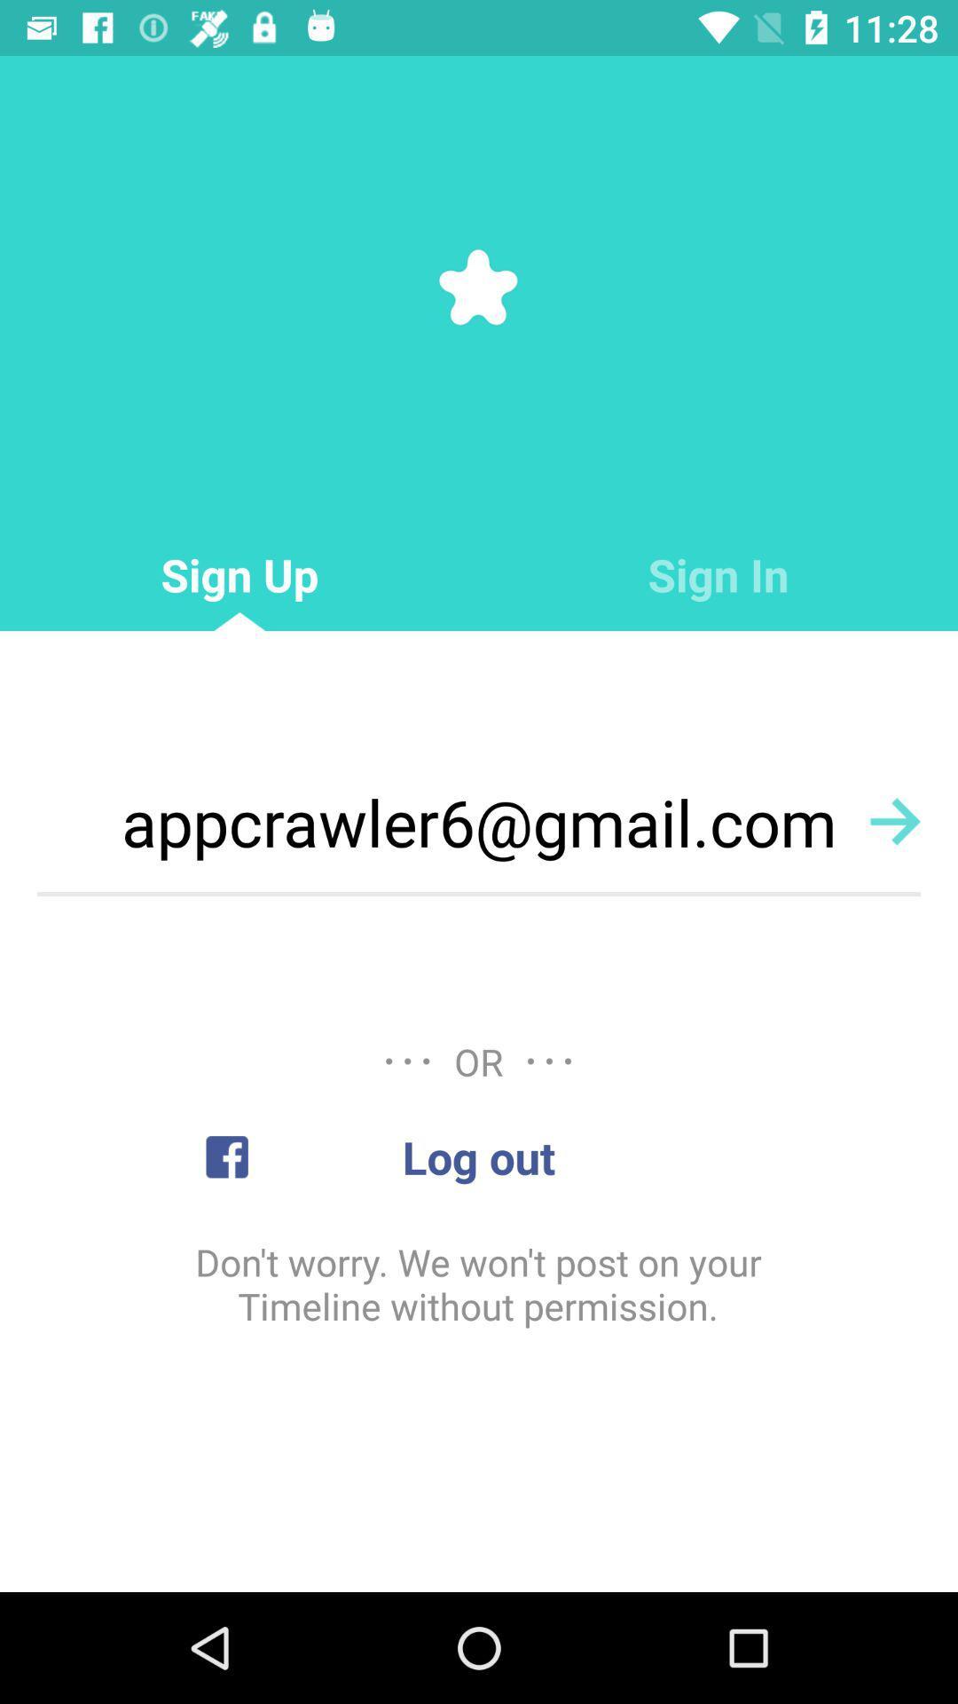 The height and width of the screenshot is (1704, 958). Describe the element at coordinates (479, 1156) in the screenshot. I see `the log out item` at that location.